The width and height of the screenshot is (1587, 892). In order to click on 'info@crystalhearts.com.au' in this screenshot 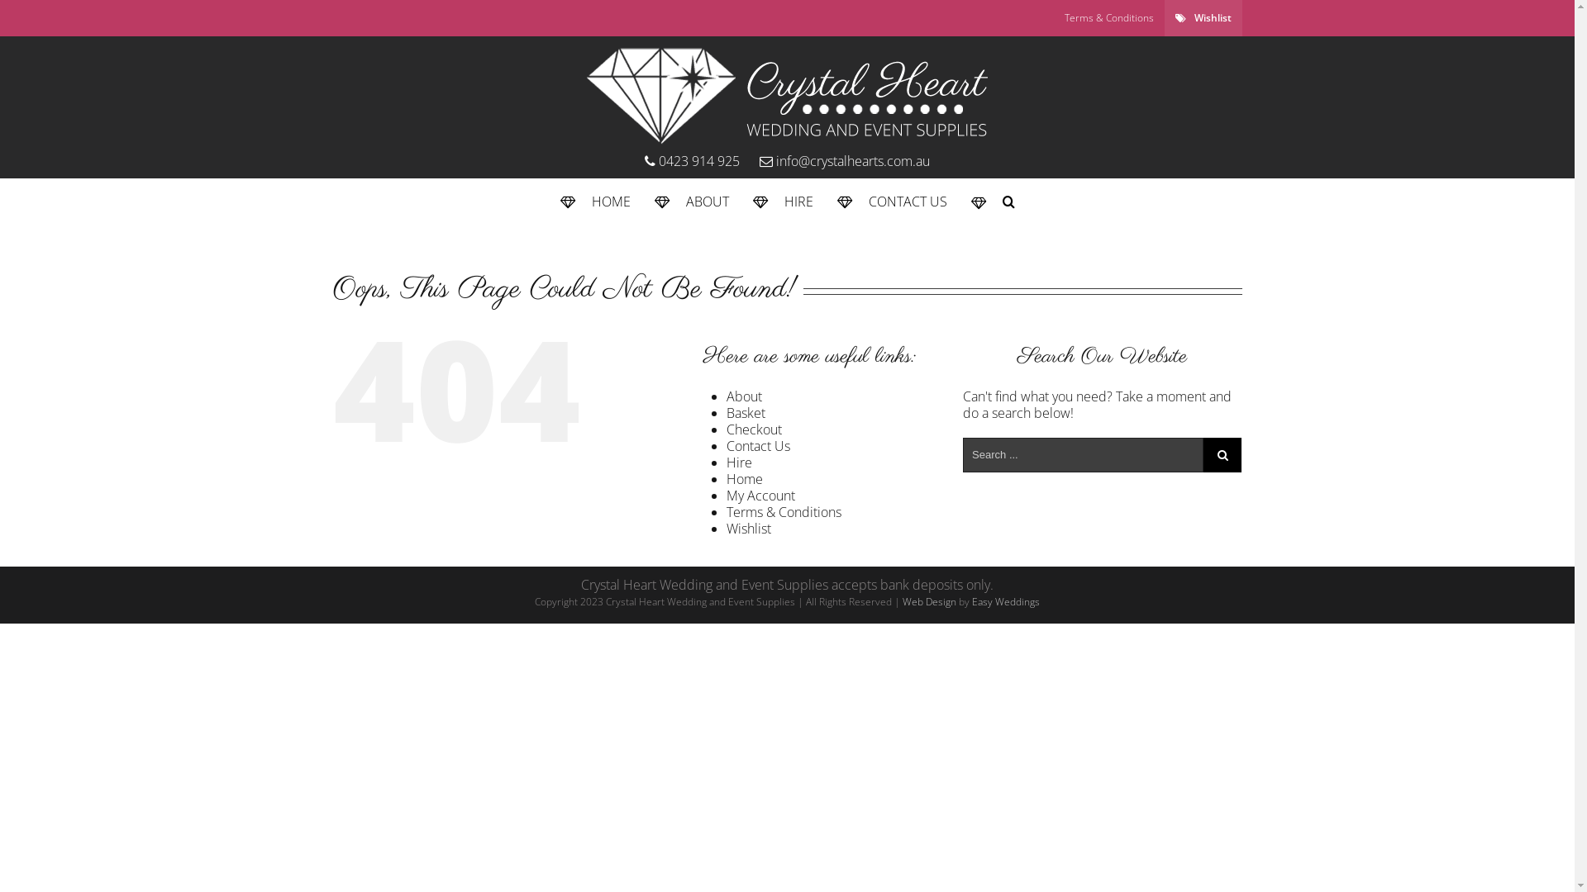, I will do `click(836, 161)`.